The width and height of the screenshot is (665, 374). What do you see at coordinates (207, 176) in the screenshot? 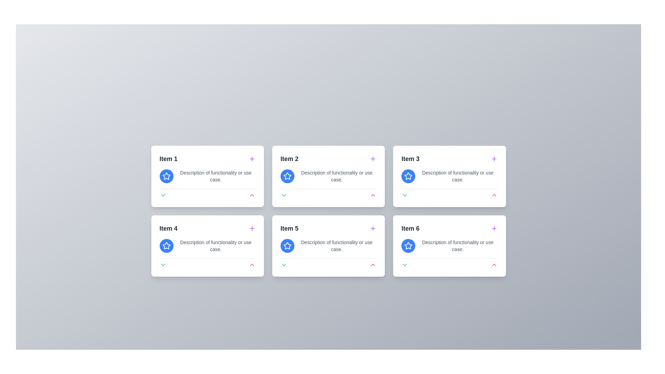
I see `the text element within the Composite UI element located in the first column of the first row of the grid layout under the card labeled 'Item 1'` at bounding box center [207, 176].